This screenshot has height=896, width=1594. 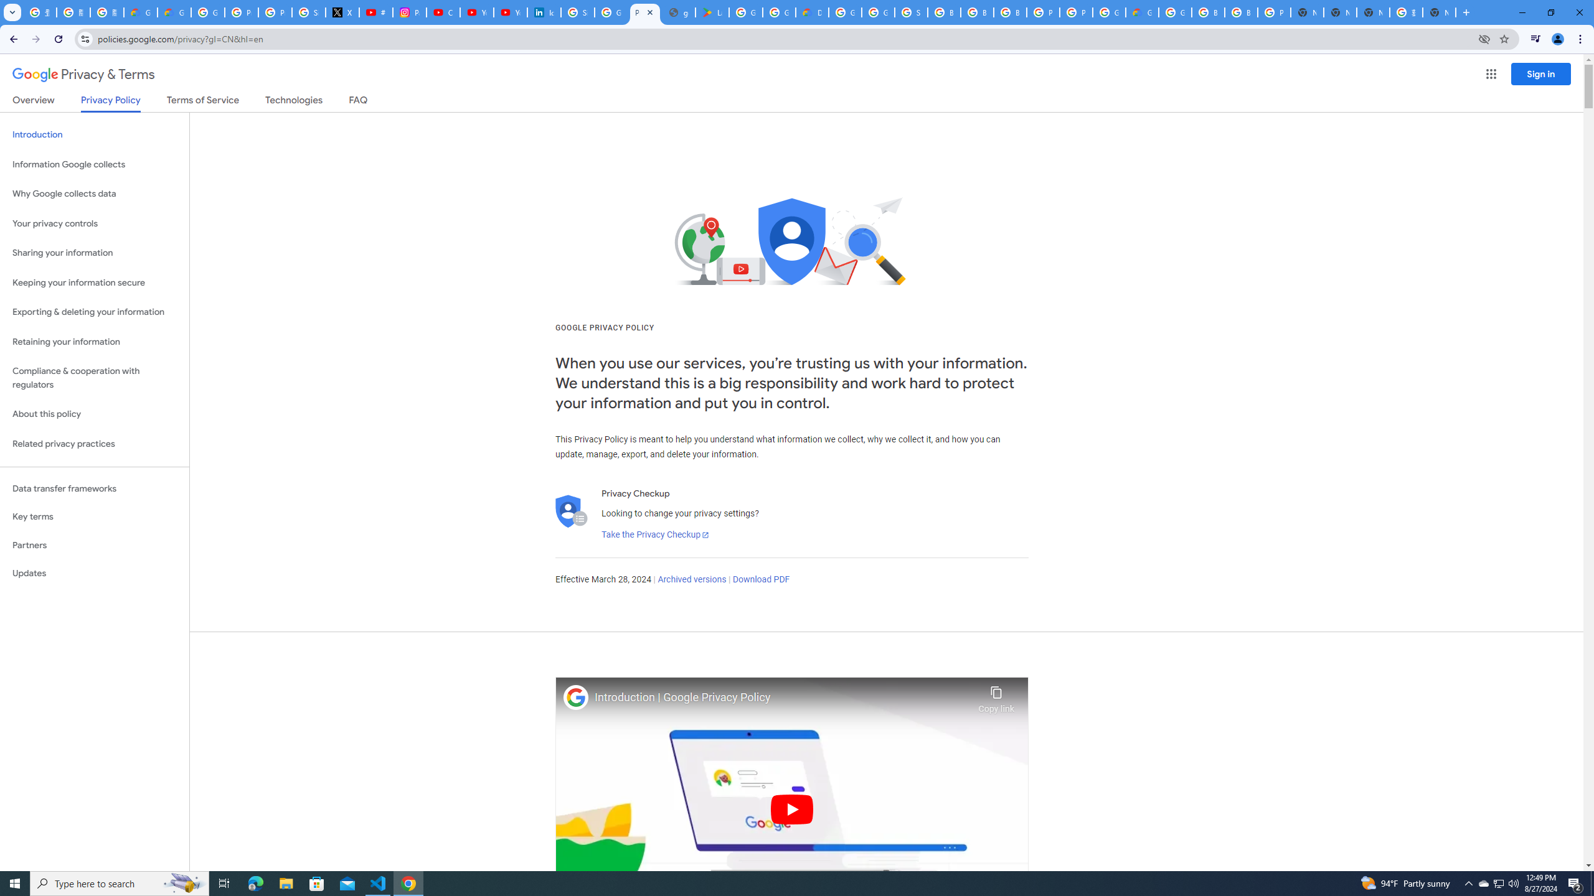 I want to click on 'Play', so click(x=791, y=808).